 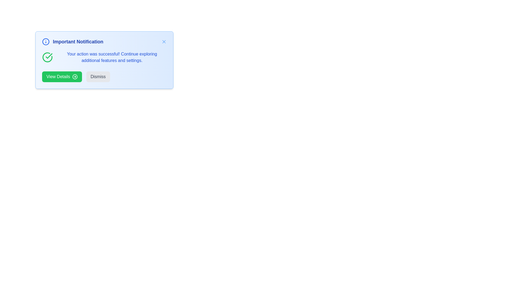 I want to click on the 'View Details' button to open the details view, so click(x=62, y=77).